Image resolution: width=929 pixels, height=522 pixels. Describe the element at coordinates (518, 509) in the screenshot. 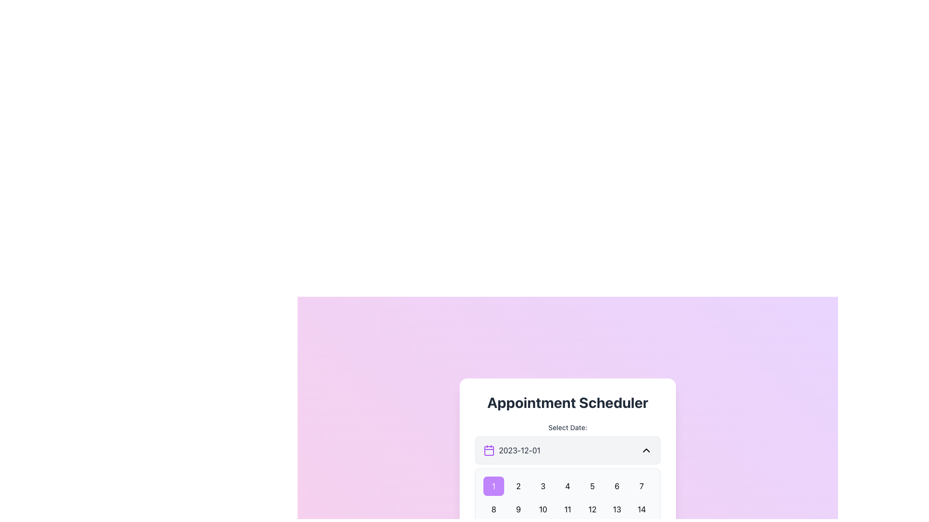

I see `the button displaying the number '9' in bold style within the 'Select Date' section of the calendar view` at that location.